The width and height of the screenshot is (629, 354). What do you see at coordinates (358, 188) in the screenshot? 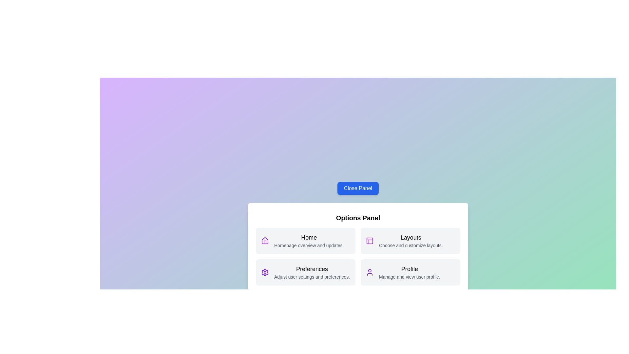
I see `the 'Close Panel' button to toggle the panel's visibility` at bounding box center [358, 188].